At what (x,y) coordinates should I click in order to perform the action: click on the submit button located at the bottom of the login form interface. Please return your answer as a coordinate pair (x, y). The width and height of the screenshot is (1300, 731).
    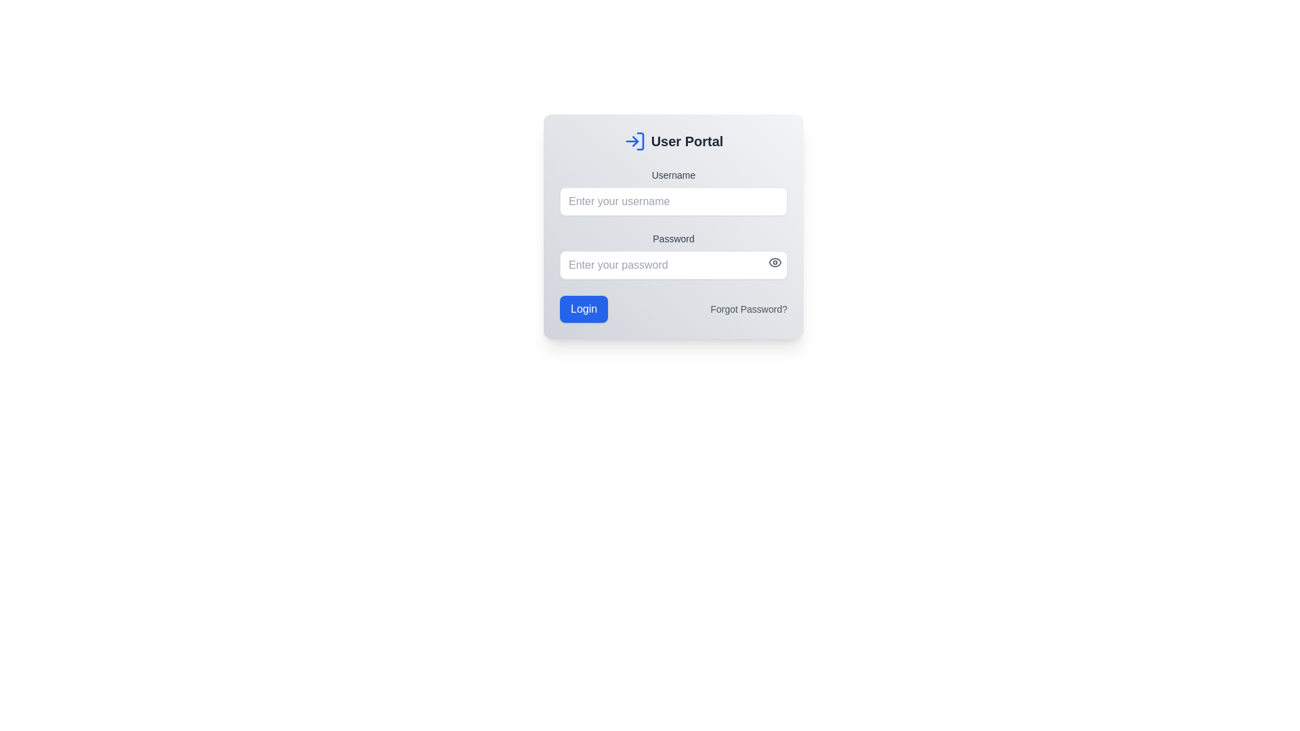
    Looking at the image, I should click on (584, 309).